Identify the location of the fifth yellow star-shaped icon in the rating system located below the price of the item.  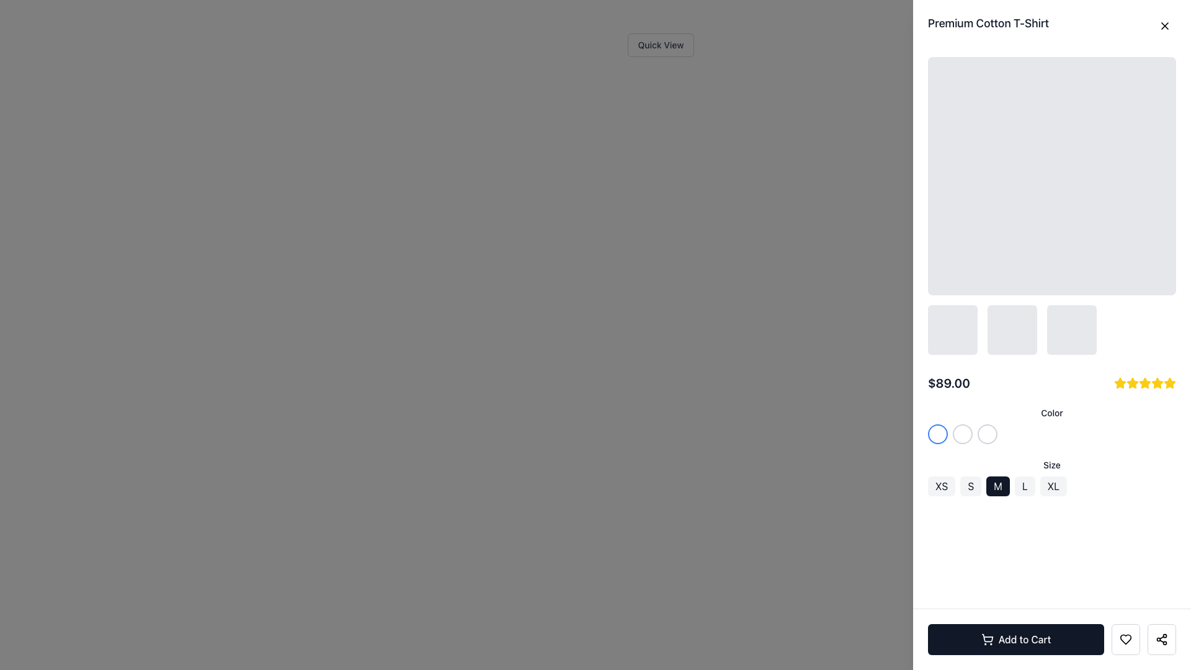
(1169, 382).